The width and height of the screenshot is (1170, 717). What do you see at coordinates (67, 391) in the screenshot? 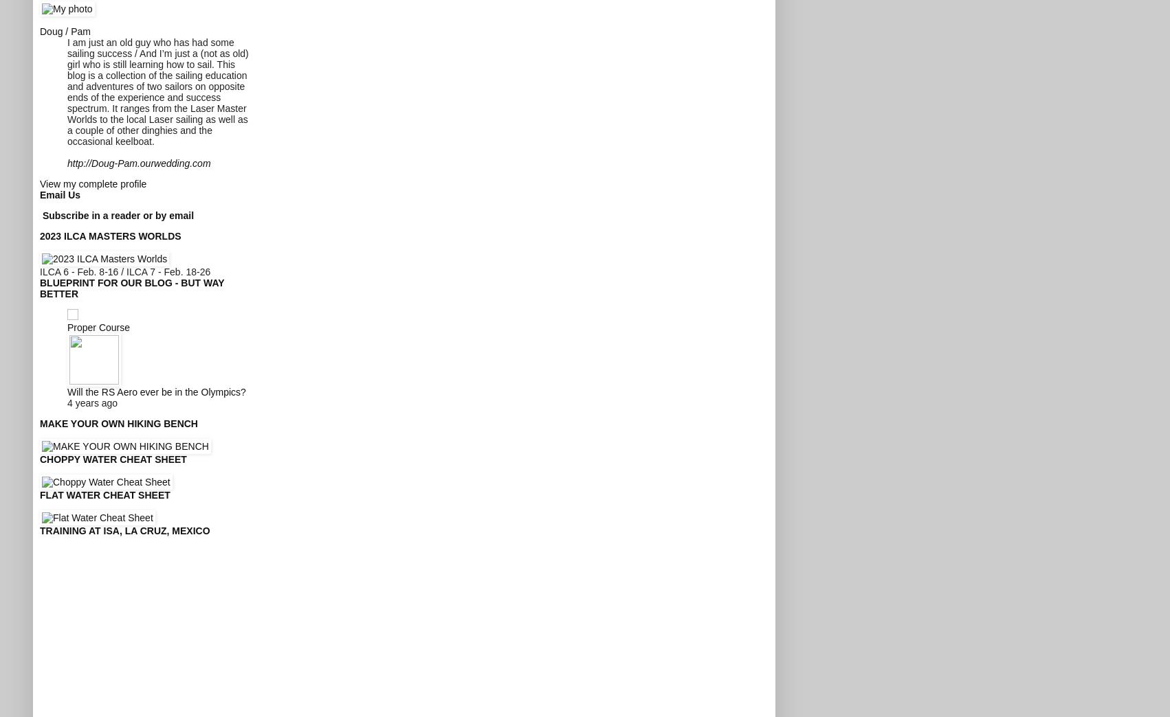
I see `'Will the RS Aero ever be in the Olympics?'` at bounding box center [67, 391].